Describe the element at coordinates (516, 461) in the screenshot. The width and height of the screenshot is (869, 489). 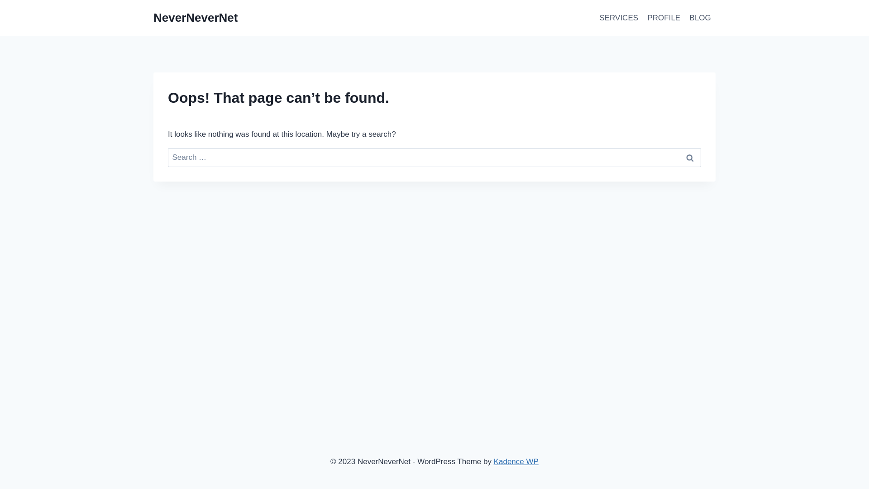
I see `'Kadence WP'` at that location.